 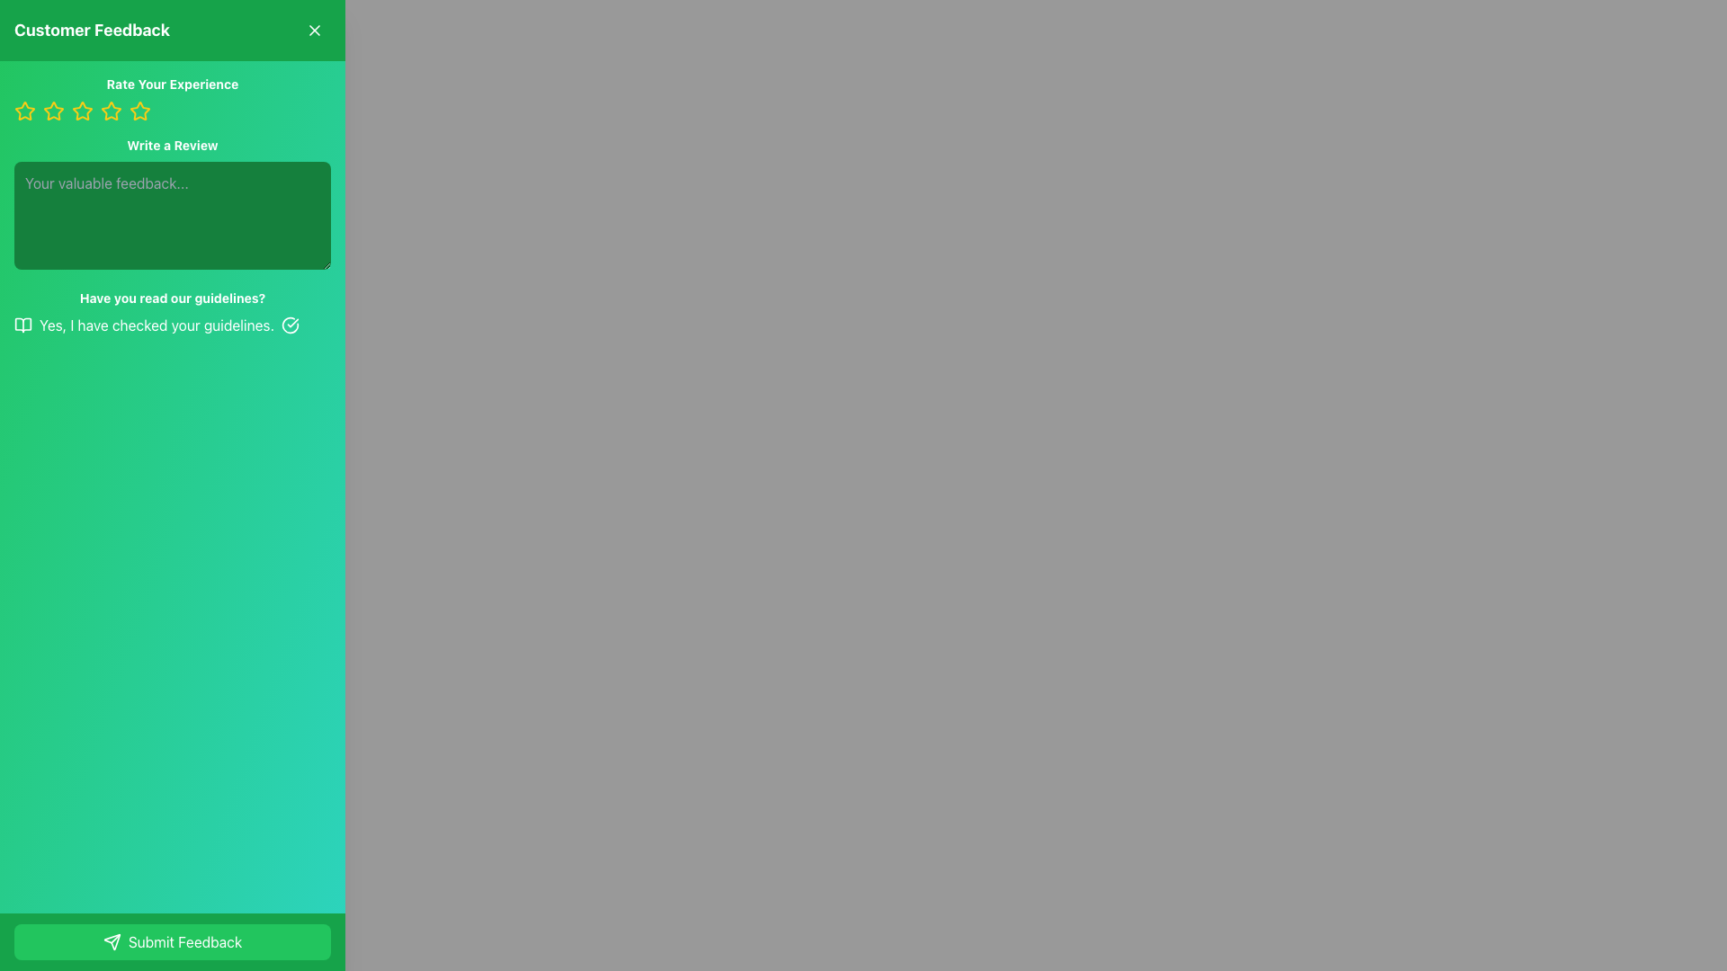 I want to click on the third yellow outlined star icon in the row of five stars under the 'Rate Your Experience' title to rate it, so click(x=111, y=111).